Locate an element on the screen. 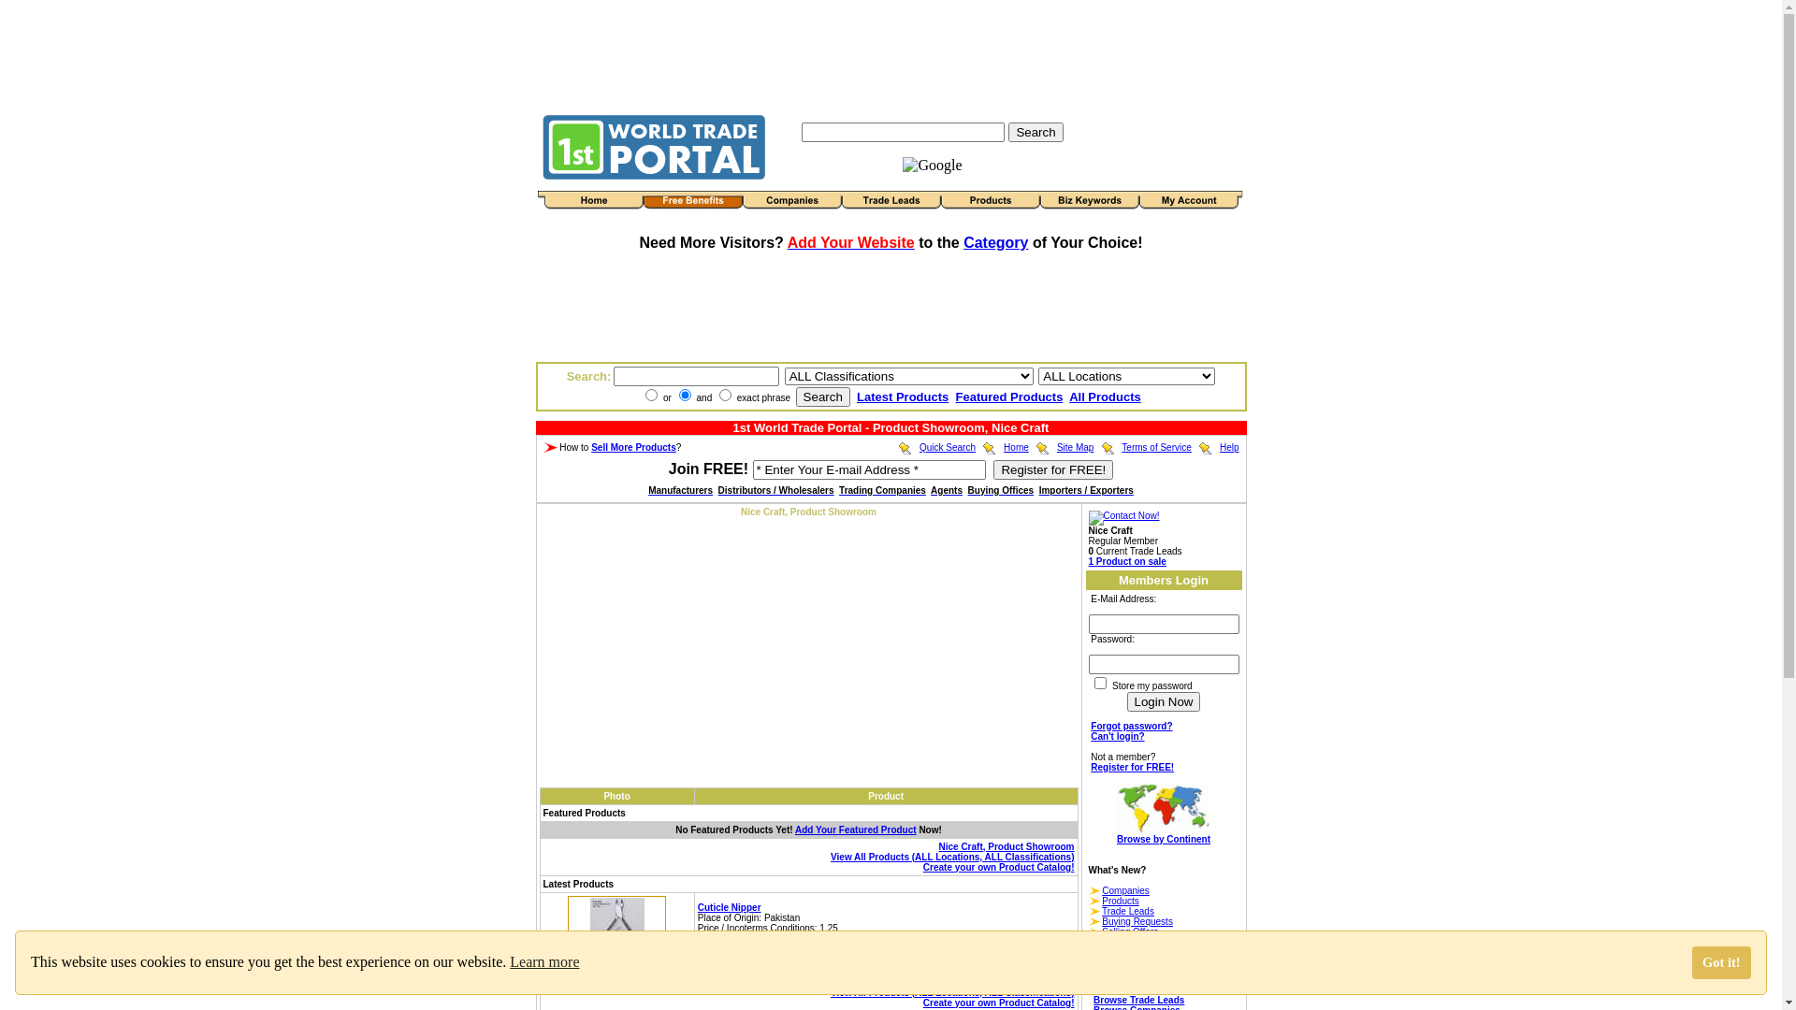 The height and width of the screenshot is (1010, 1796). 'All Products' is located at coordinates (1105, 396).